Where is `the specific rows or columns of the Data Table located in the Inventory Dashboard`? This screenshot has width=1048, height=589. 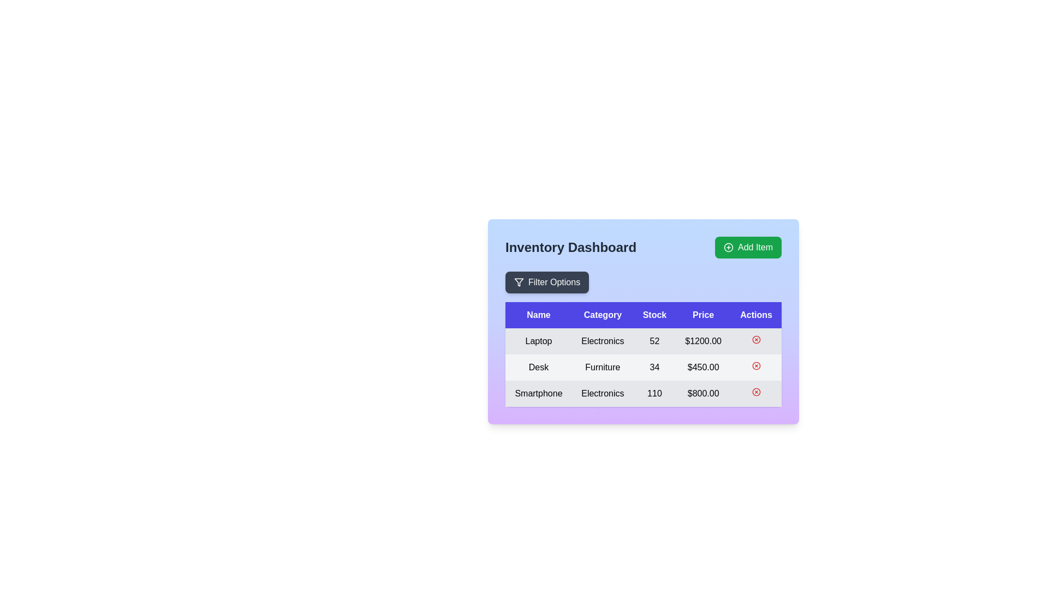
the specific rows or columns of the Data Table located in the Inventory Dashboard is located at coordinates (644, 338).